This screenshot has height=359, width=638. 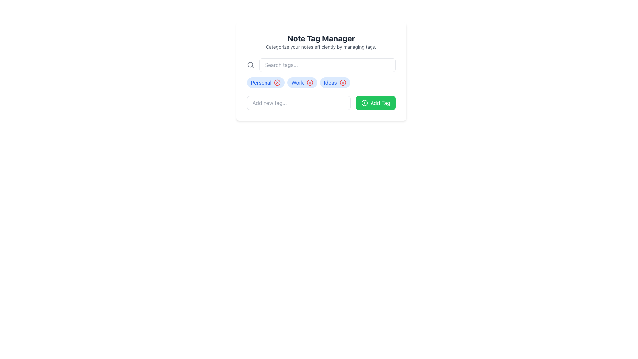 What do you see at coordinates (375, 103) in the screenshot?
I see `the button that adds a tag to the list, positioned to the right of the 'Add new tag...' input field` at bounding box center [375, 103].